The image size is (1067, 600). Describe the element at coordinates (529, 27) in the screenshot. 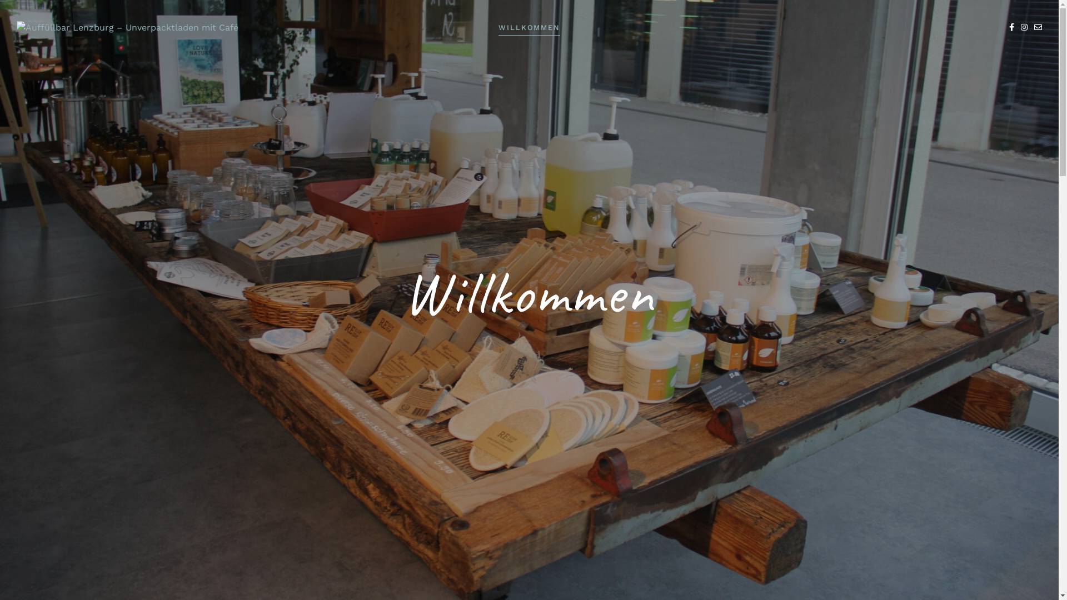

I see `'WILLKOMMEN'` at that location.